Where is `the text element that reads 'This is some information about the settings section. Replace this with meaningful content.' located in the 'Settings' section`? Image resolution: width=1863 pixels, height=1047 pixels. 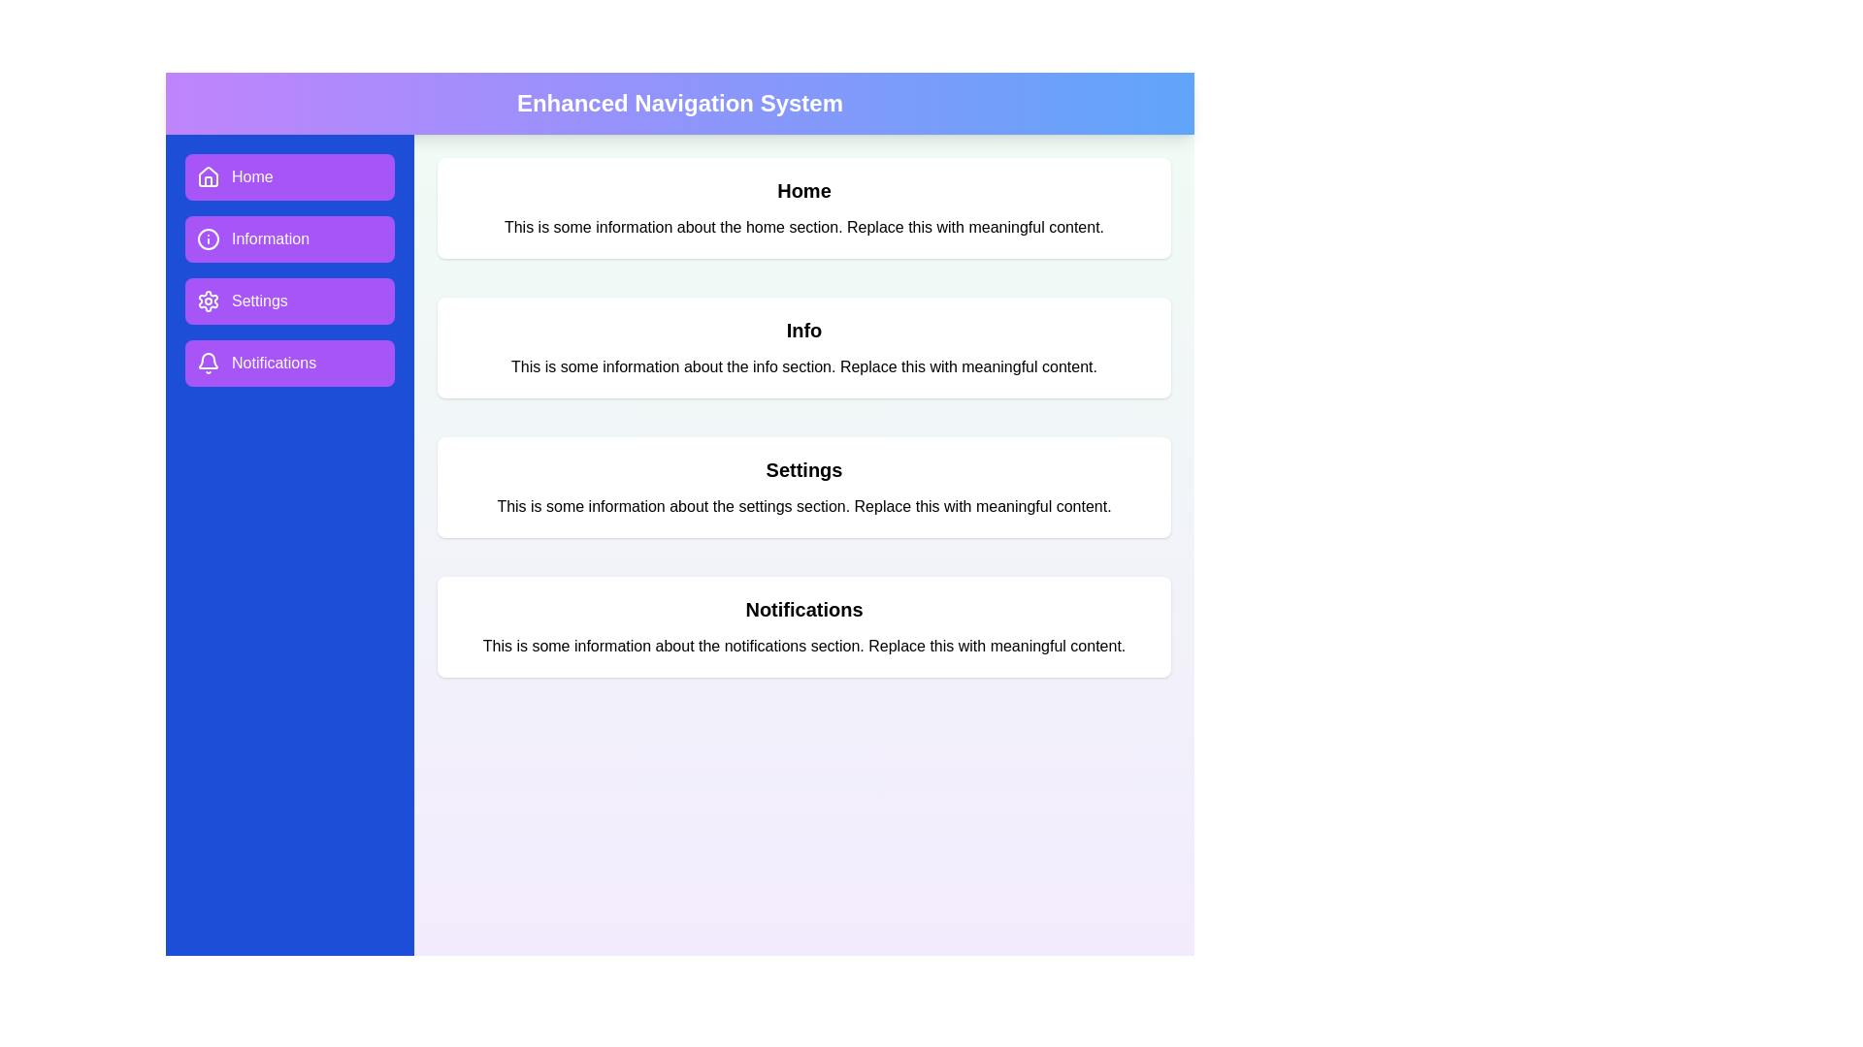
the text element that reads 'This is some information about the settings section. Replace this with meaningful content.' located in the 'Settings' section is located at coordinates (804, 506).